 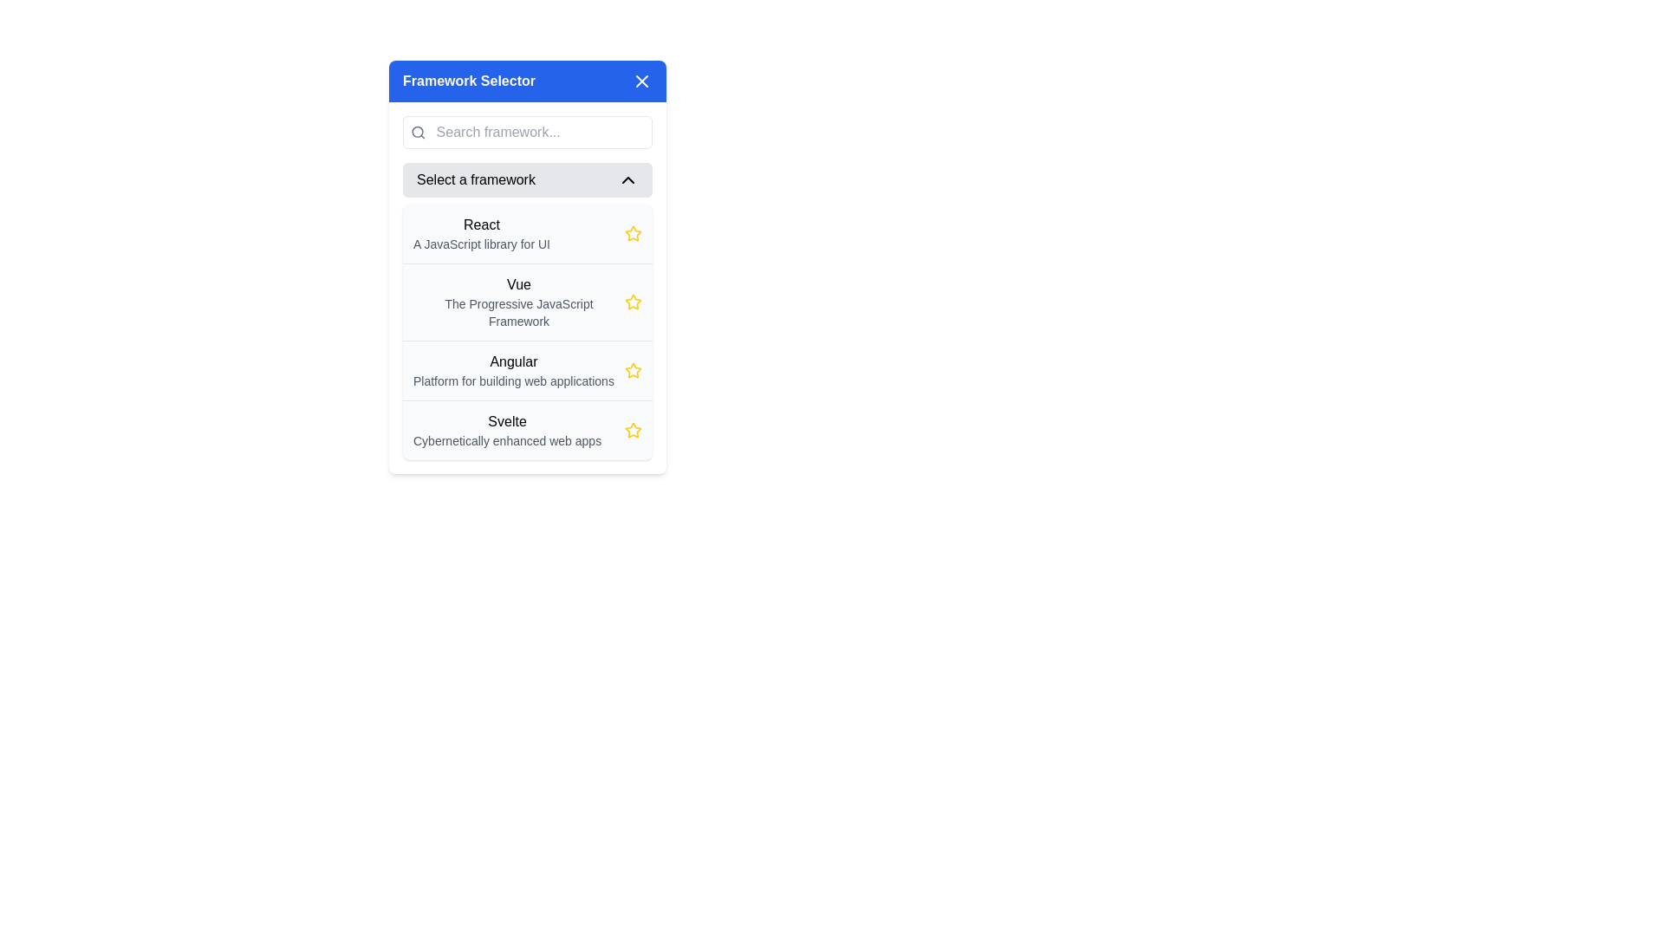 What do you see at coordinates (632, 301) in the screenshot?
I see `the star icon indicating 'favorite' or 'rating' for the 'Vue' JavaScript framework, located at the far right of its list entry` at bounding box center [632, 301].